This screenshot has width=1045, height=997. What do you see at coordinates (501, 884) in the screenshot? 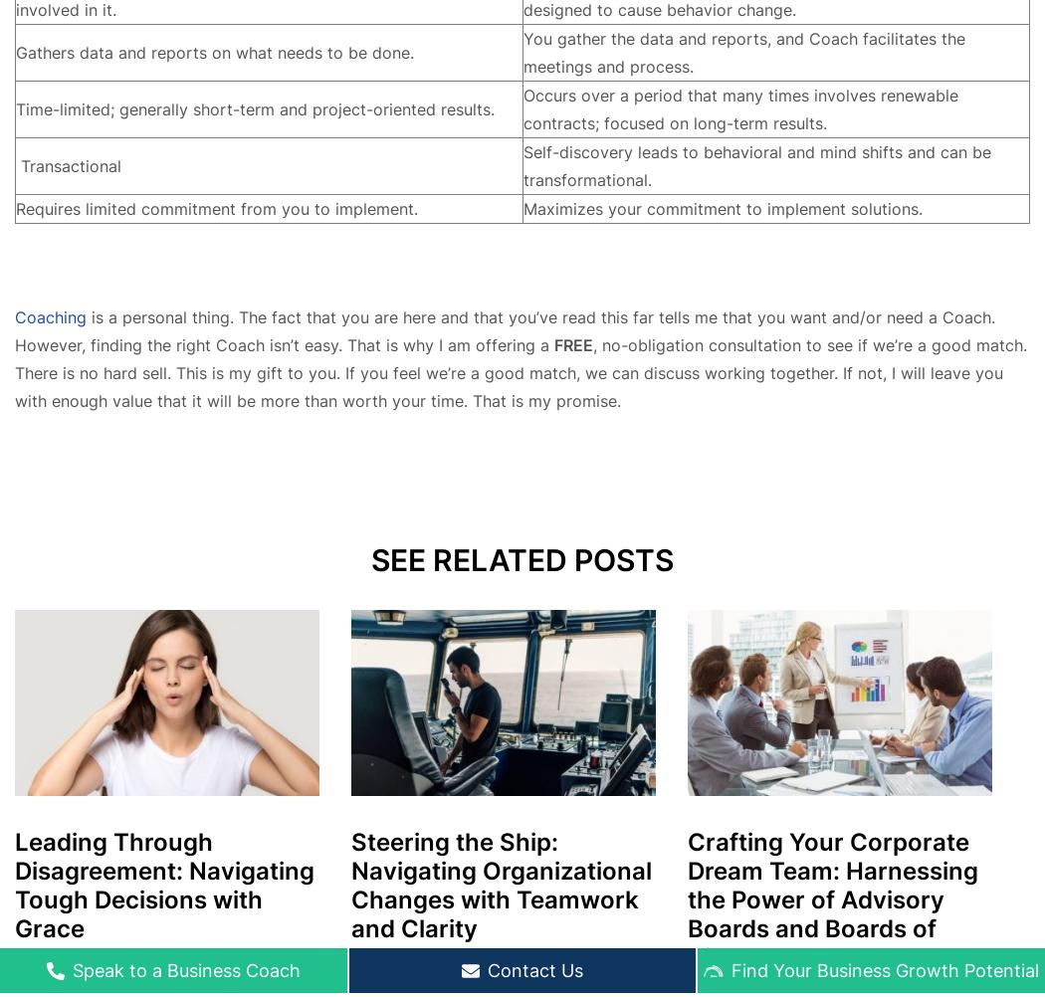
I see `'Steering the Ship: Navigating Organizational Changes with Teamwork and Clarity'` at bounding box center [501, 884].